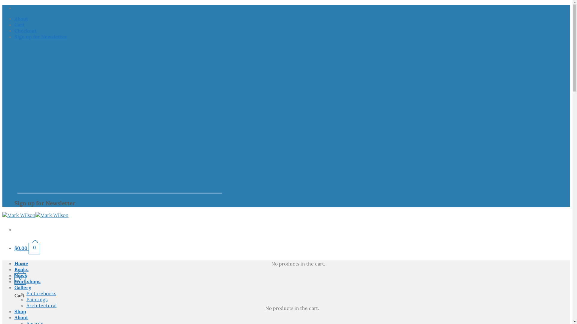 The height and width of the screenshot is (324, 577). Describe the element at coordinates (21, 263) in the screenshot. I see `'Home'` at that location.